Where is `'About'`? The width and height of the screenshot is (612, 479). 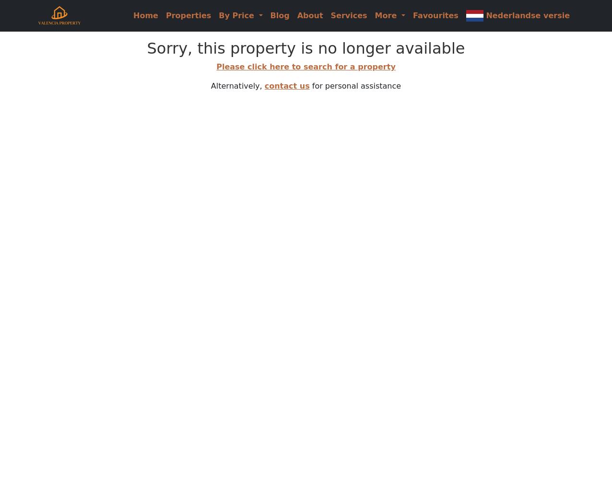 'About' is located at coordinates (310, 15).